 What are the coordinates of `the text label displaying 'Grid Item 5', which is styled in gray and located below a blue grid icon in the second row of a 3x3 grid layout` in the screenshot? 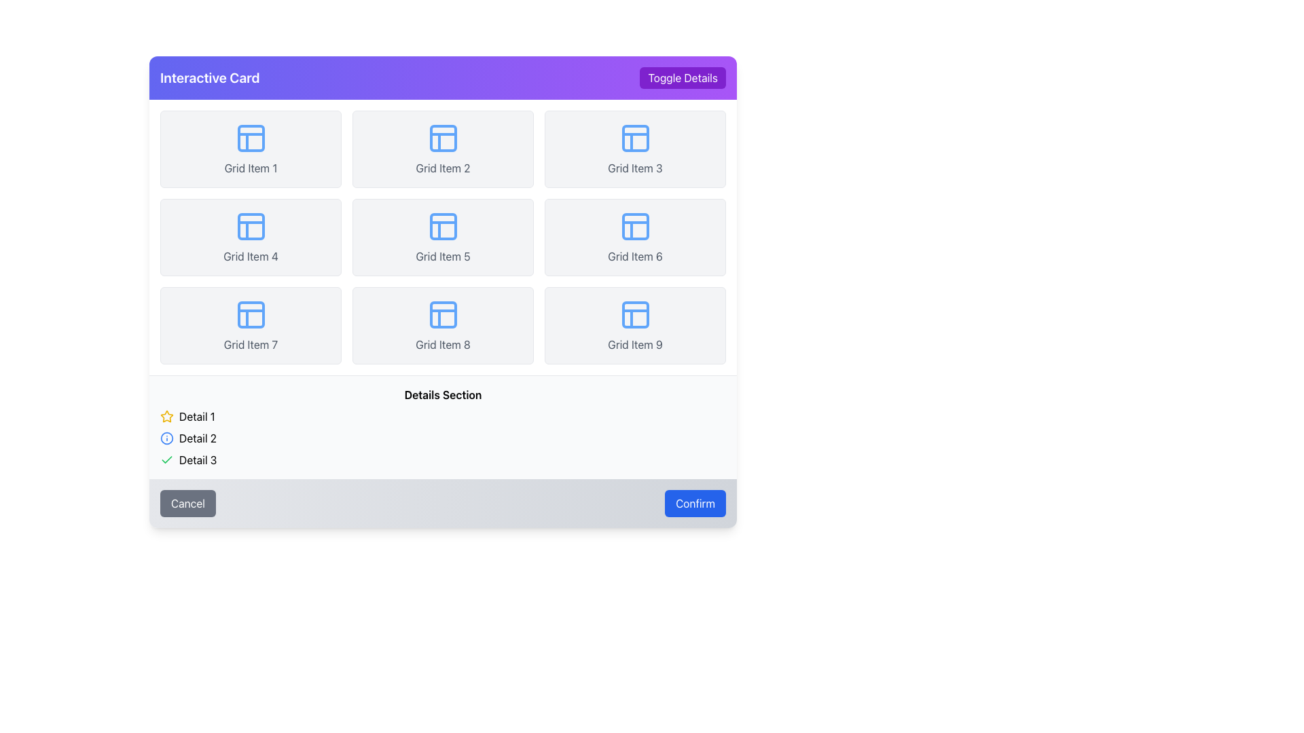 It's located at (443, 257).